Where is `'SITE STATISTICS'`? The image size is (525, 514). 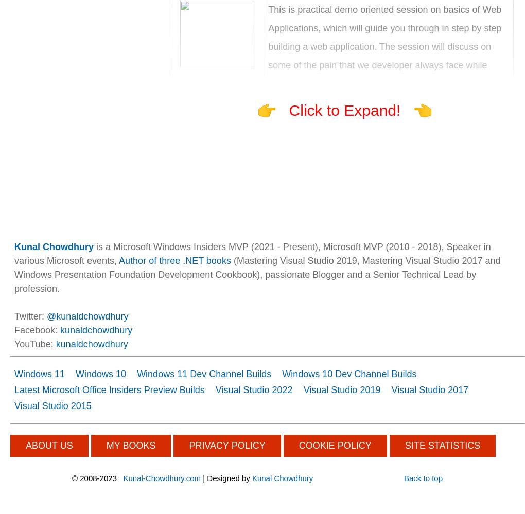
'SITE STATISTICS' is located at coordinates (442, 445).